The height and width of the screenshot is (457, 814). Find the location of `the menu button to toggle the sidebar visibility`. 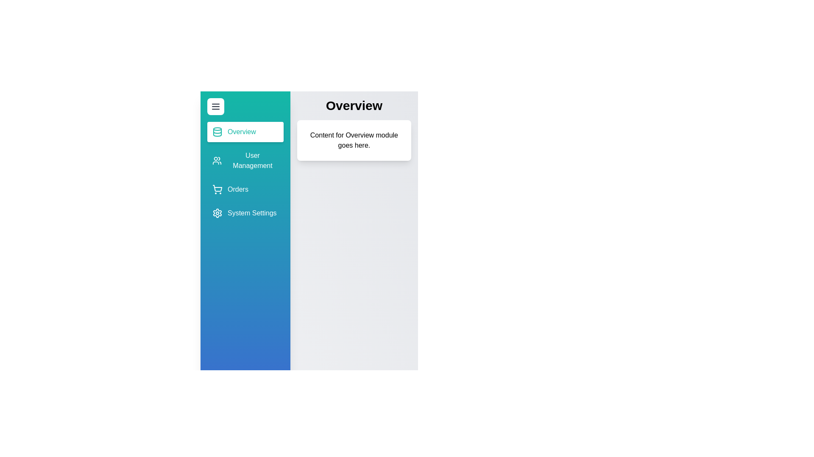

the menu button to toggle the sidebar visibility is located at coordinates (215, 106).